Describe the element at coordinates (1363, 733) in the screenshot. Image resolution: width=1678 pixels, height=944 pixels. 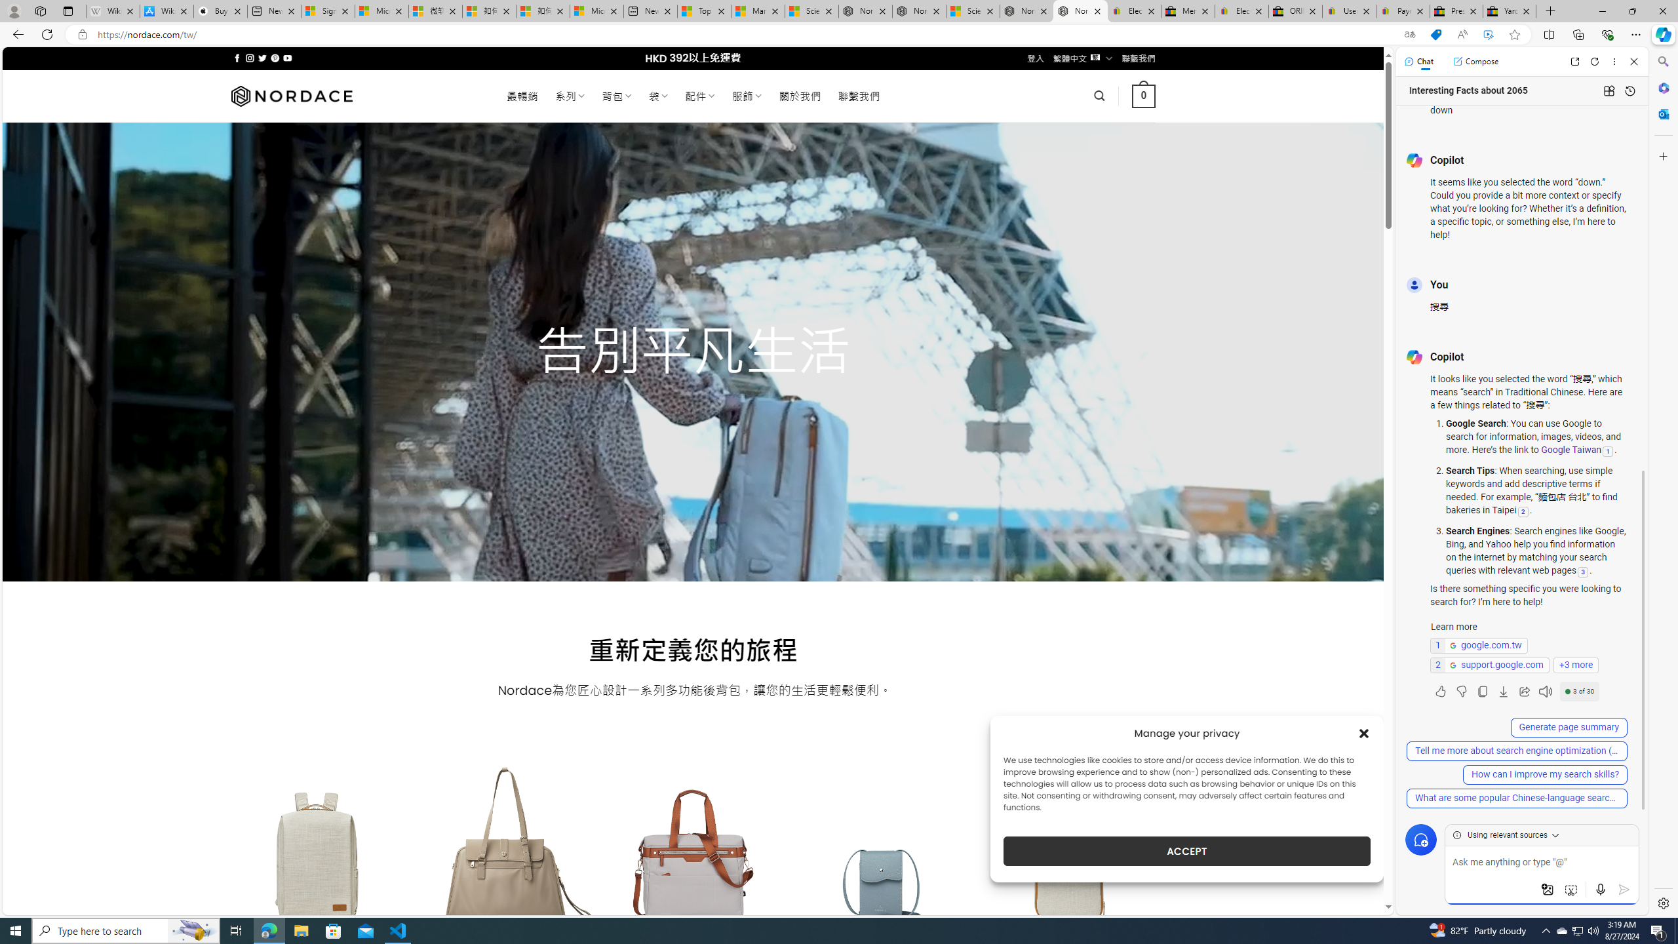
I see `'Class: cmplz-close'` at that location.